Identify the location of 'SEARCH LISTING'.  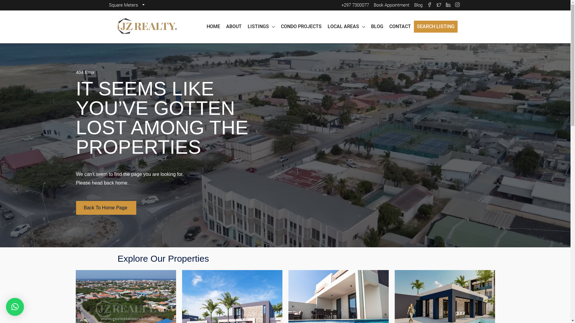
(414, 26).